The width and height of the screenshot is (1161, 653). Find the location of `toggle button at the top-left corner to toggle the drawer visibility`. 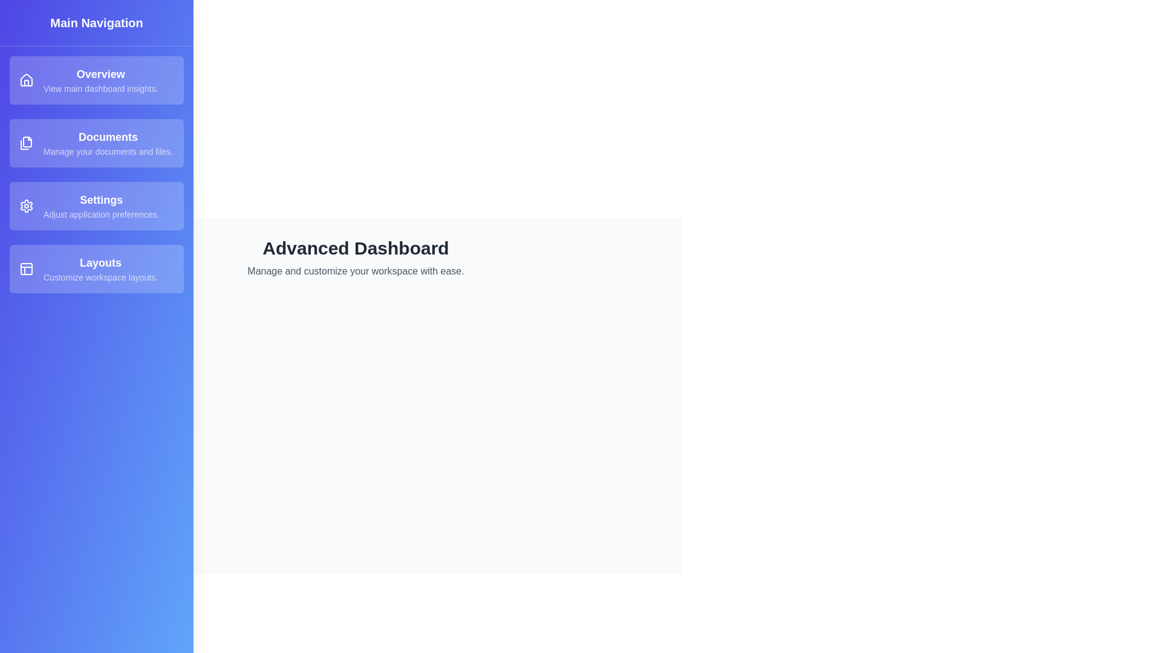

toggle button at the top-left corner to toggle the drawer visibility is located at coordinates (24, 24).